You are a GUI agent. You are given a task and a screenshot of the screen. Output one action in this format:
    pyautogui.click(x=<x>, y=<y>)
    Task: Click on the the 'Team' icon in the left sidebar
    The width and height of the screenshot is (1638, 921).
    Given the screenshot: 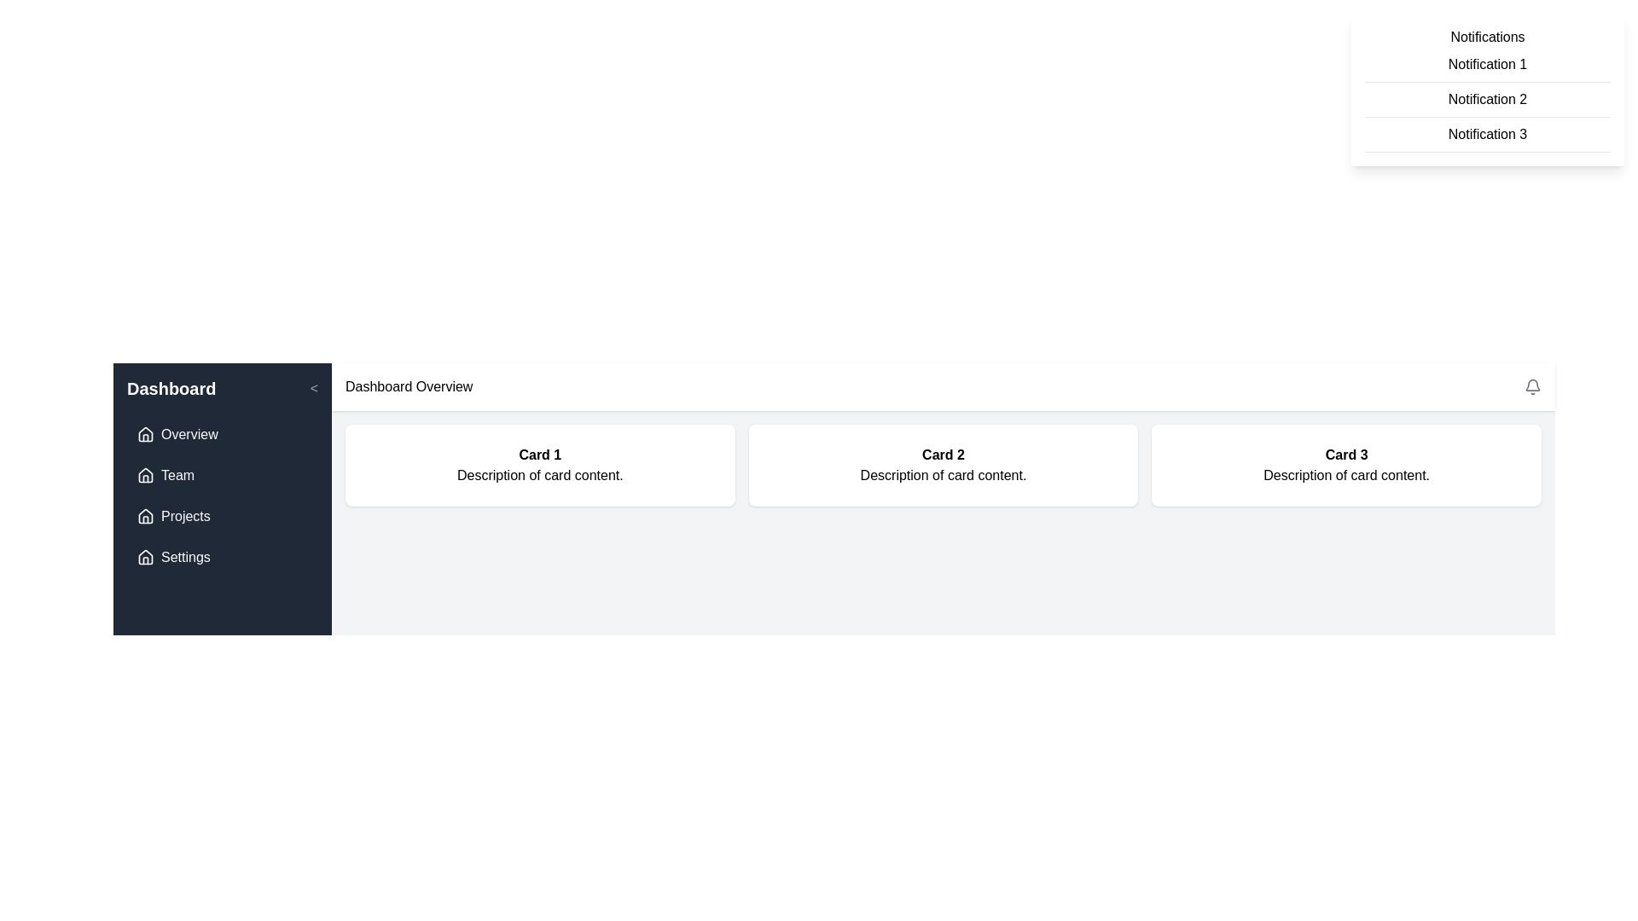 What is the action you would take?
    pyautogui.click(x=146, y=476)
    